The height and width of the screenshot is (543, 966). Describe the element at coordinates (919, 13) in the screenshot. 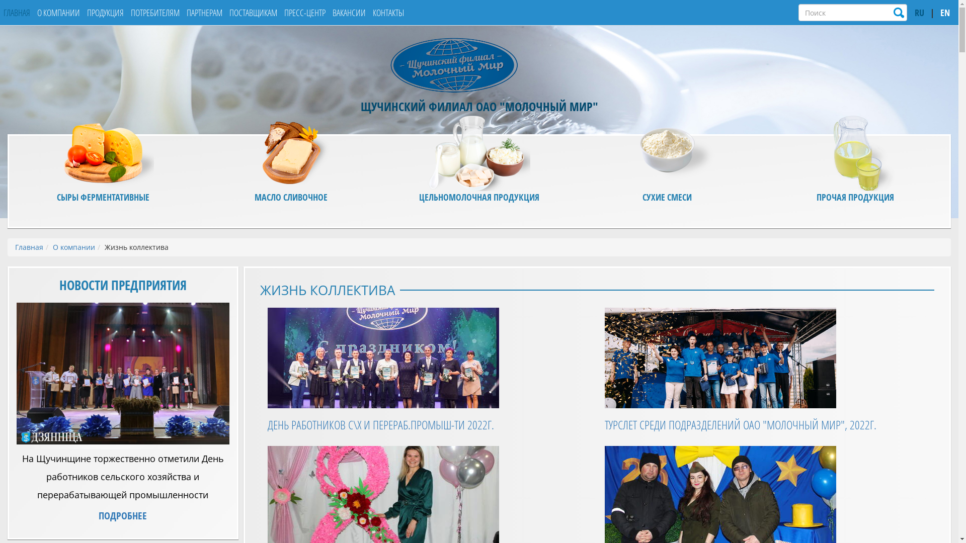

I see `'RU'` at that location.